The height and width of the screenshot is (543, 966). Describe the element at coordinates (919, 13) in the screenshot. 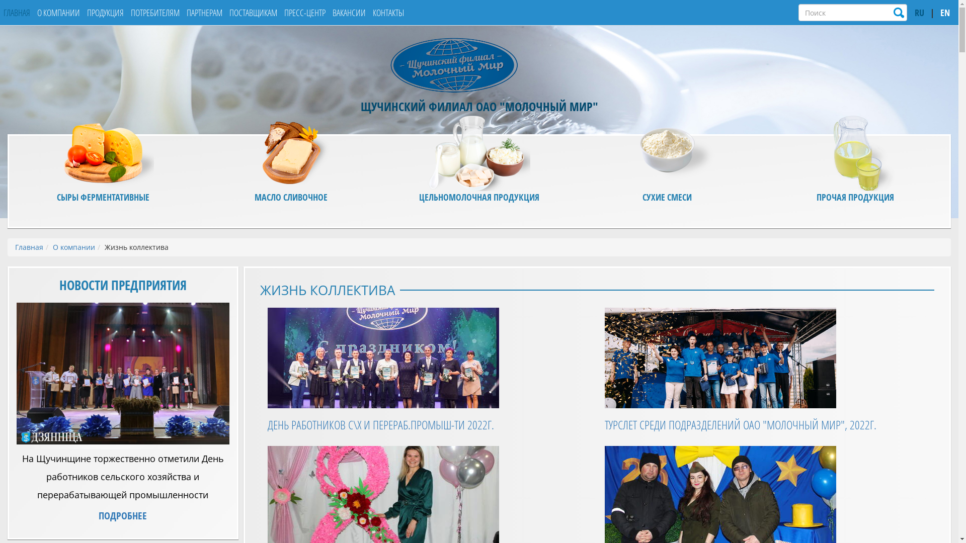

I see `'RU'` at that location.